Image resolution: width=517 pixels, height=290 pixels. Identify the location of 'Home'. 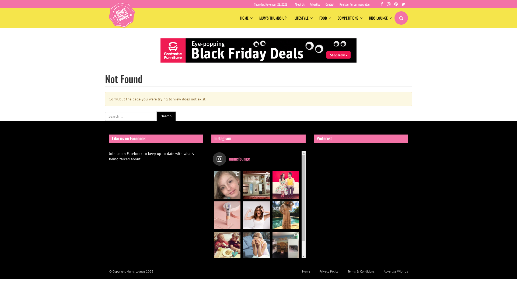
(306, 271).